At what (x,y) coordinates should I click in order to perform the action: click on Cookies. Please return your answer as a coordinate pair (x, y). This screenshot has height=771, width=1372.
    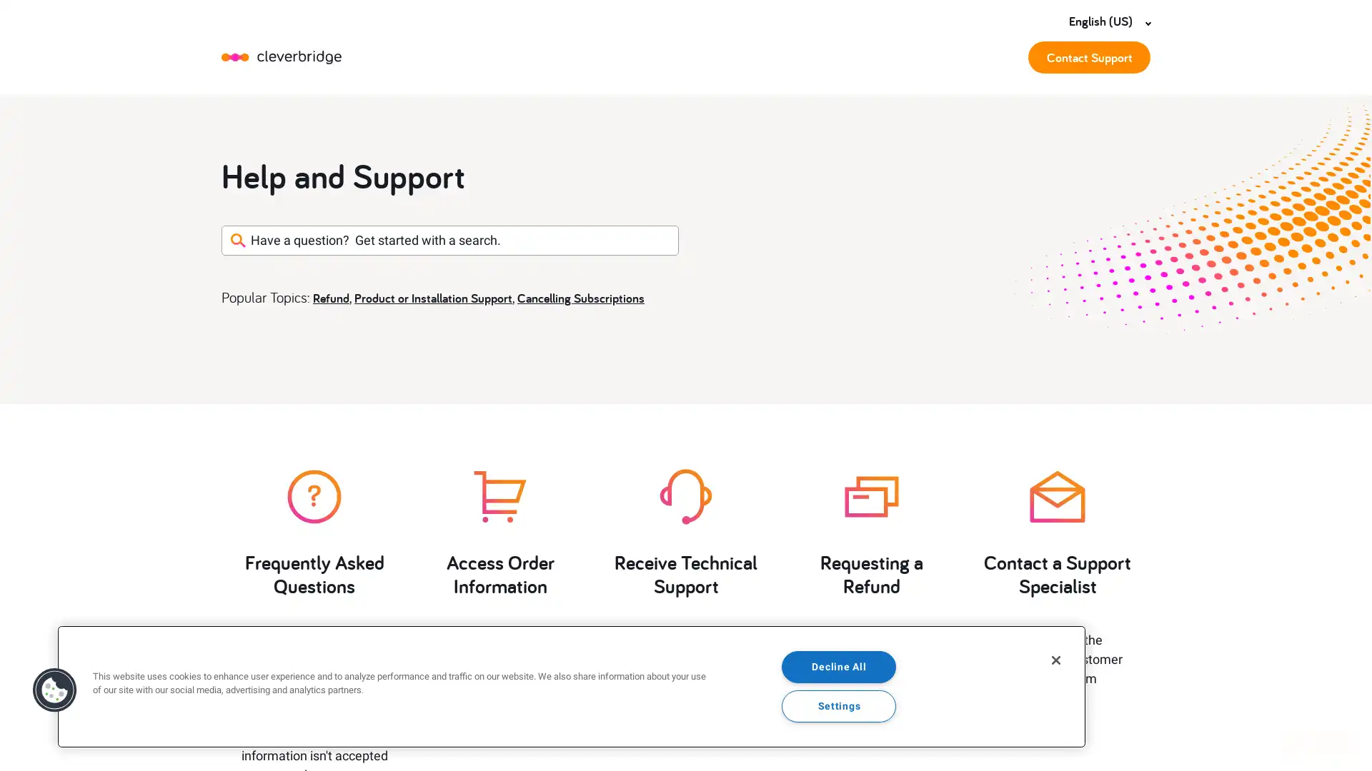
    Looking at the image, I should click on (54, 690).